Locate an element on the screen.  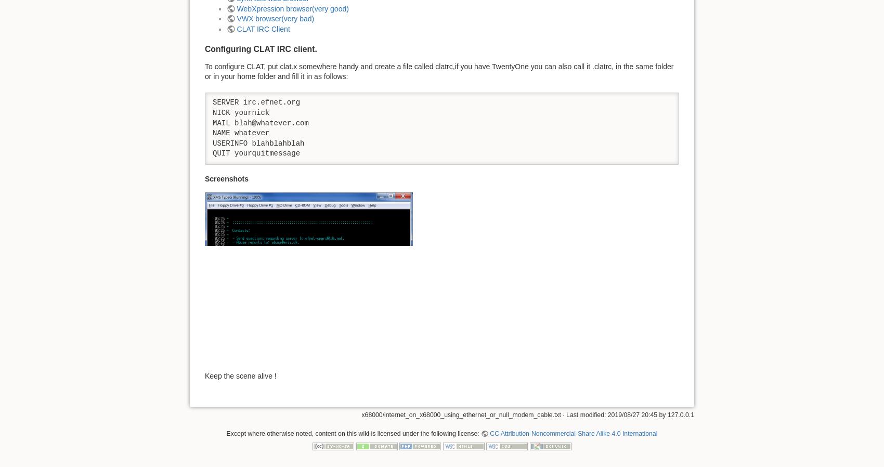
'Except where otherwise noted, content on this wiki is licensed under the following license:' is located at coordinates (354, 433).